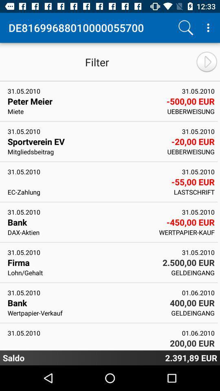 Image resolution: width=220 pixels, height=391 pixels. What do you see at coordinates (198, 349) in the screenshot?
I see `the icon above 2 391 89 icon` at bounding box center [198, 349].